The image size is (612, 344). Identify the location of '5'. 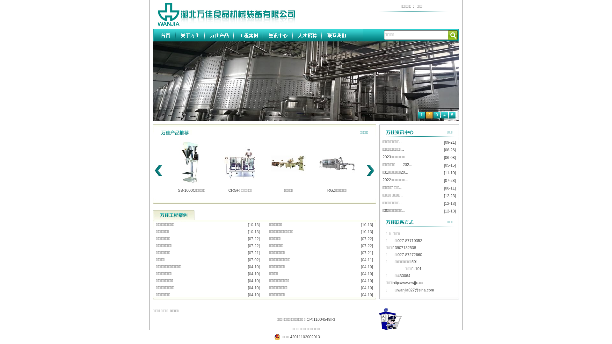
(452, 115).